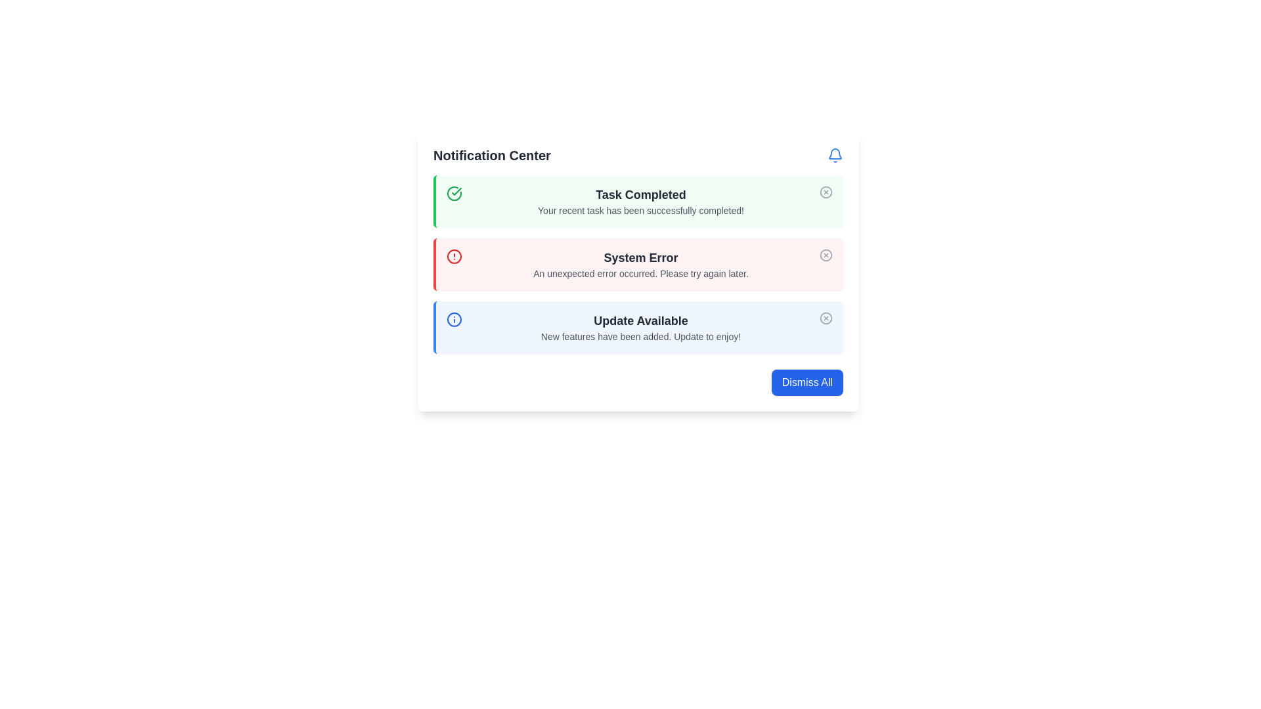 Image resolution: width=1261 pixels, height=709 pixels. I want to click on the Text Label that highlights the title of the notification regarding an application or system update, positioned within the notification card, so click(640, 321).